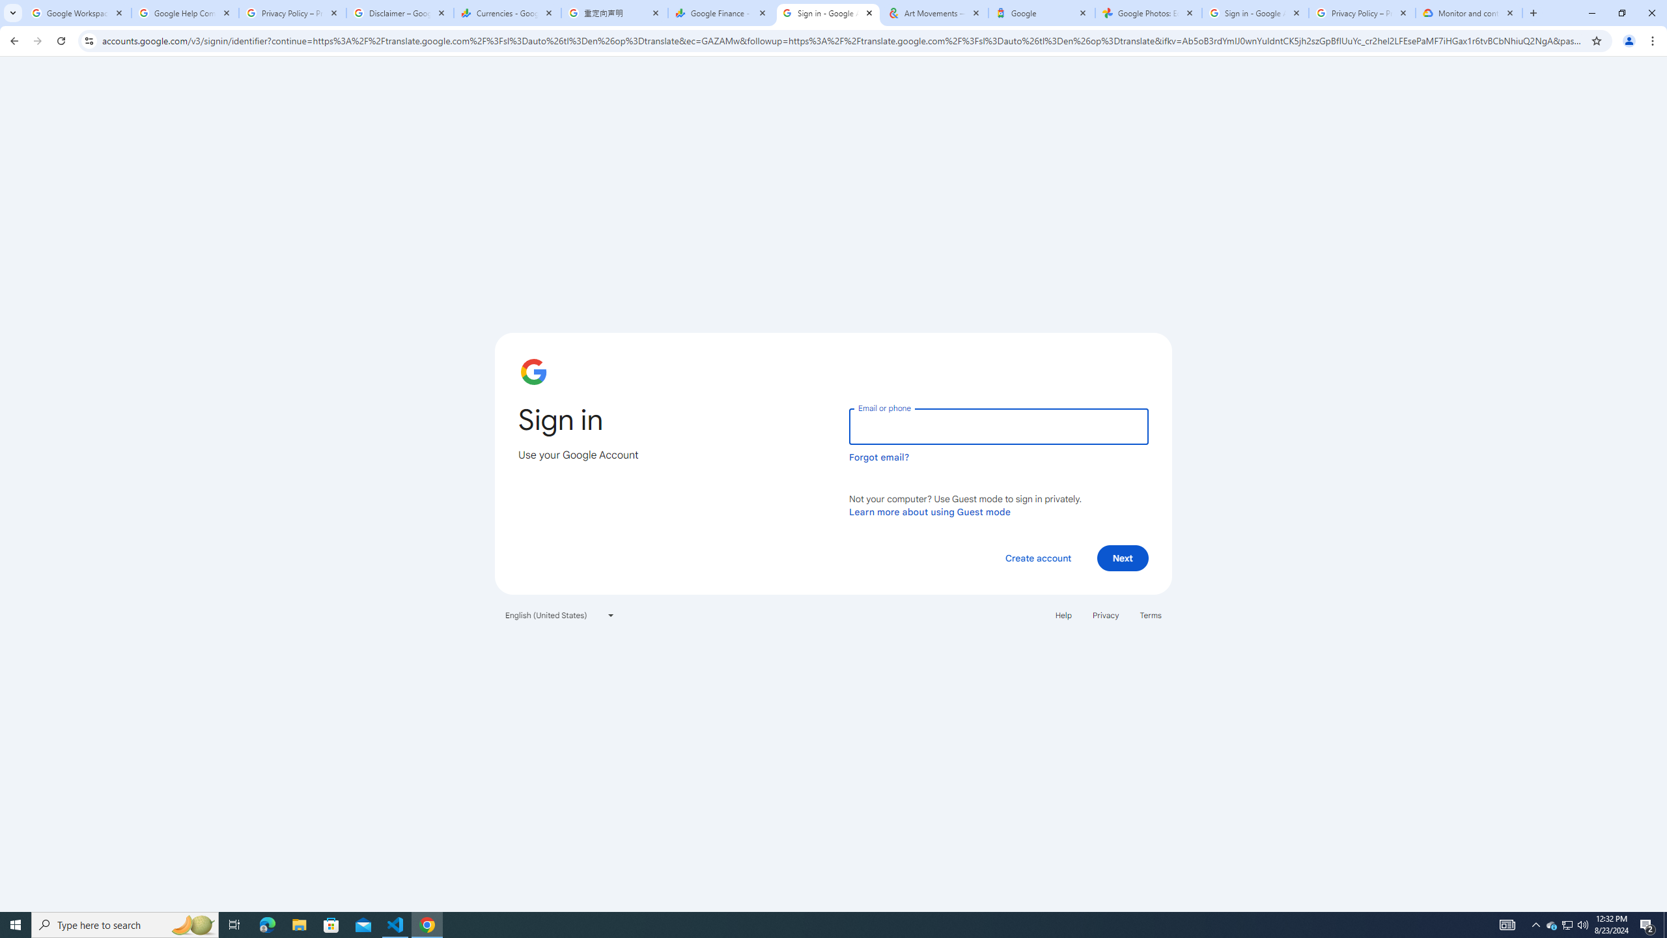  I want to click on 'Help', so click(1063, 614).